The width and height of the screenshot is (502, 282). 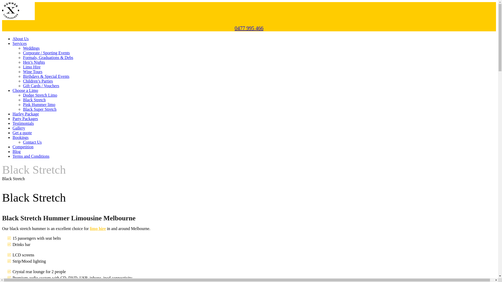 What do you see at coordinates (98, 228) in the screenshot?
I see `'limo hire'` at bounding box center [98, 228].